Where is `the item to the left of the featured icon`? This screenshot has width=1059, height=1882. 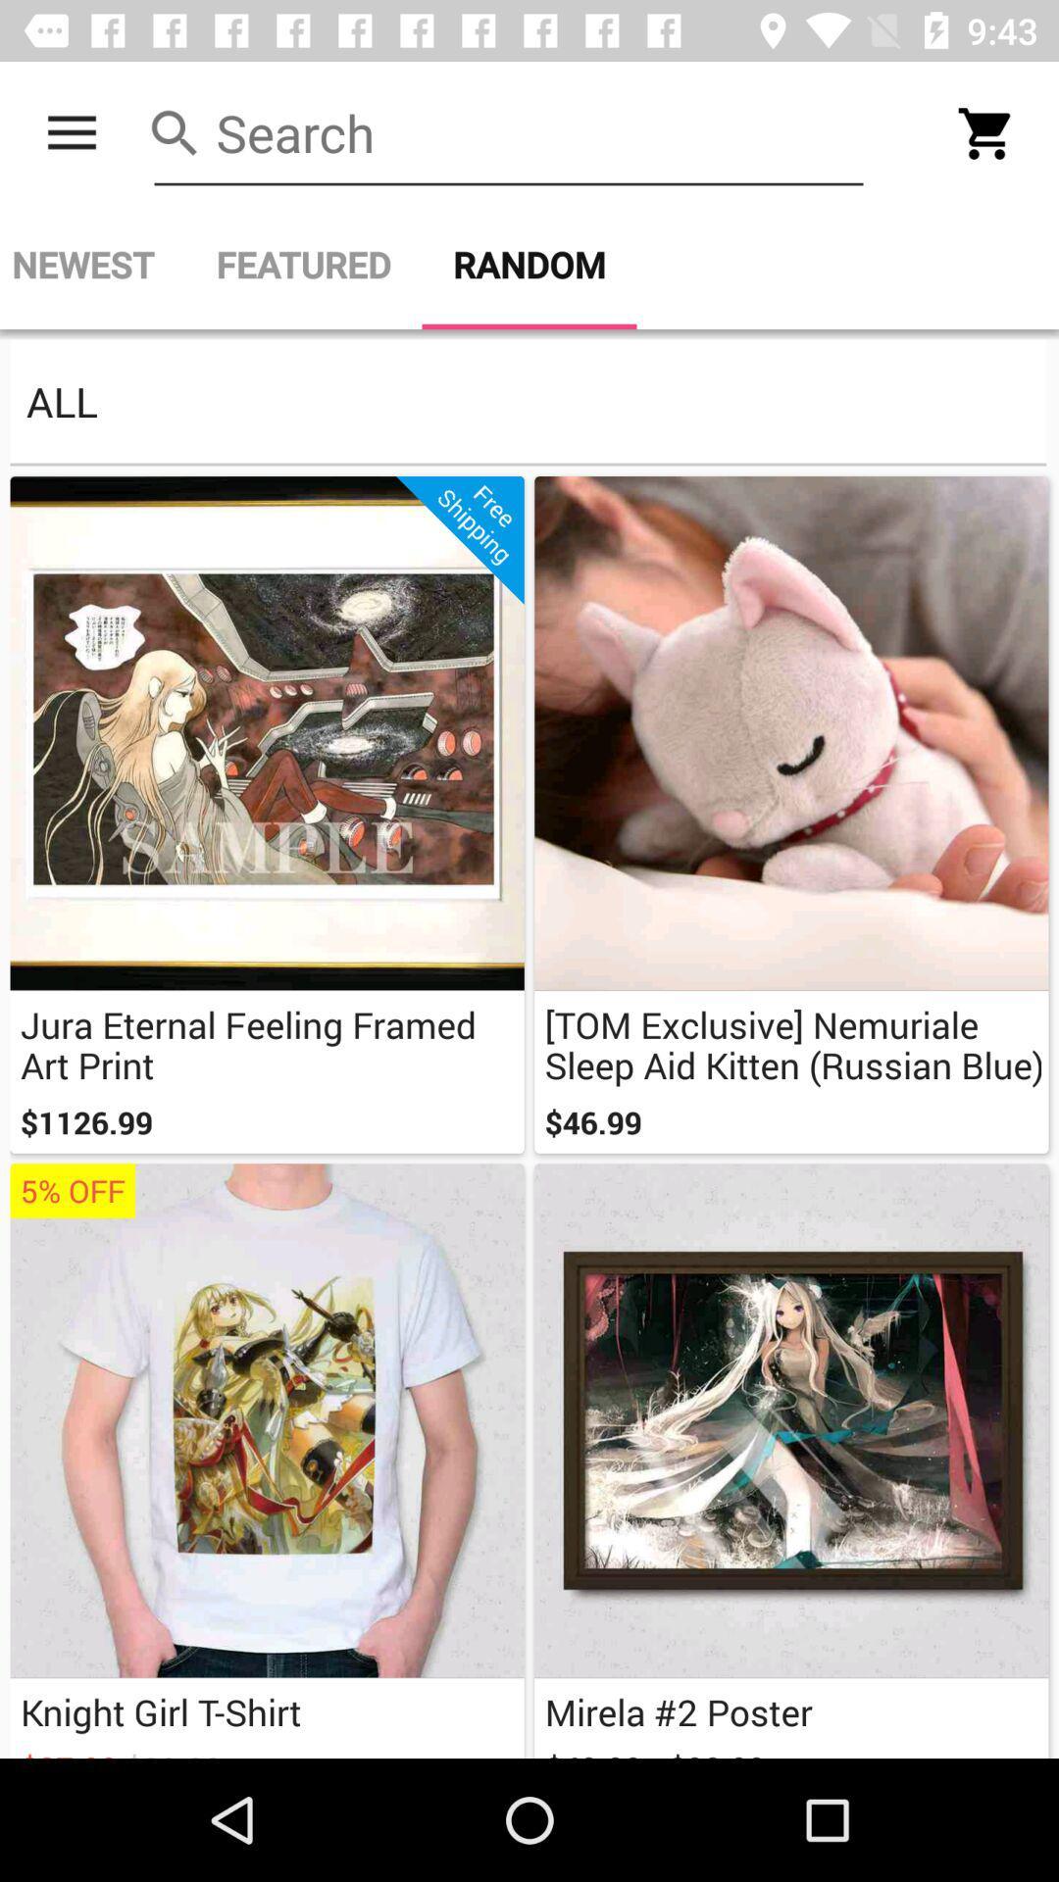 the item to the left of the featured icon is located at coordinates (92, 264).